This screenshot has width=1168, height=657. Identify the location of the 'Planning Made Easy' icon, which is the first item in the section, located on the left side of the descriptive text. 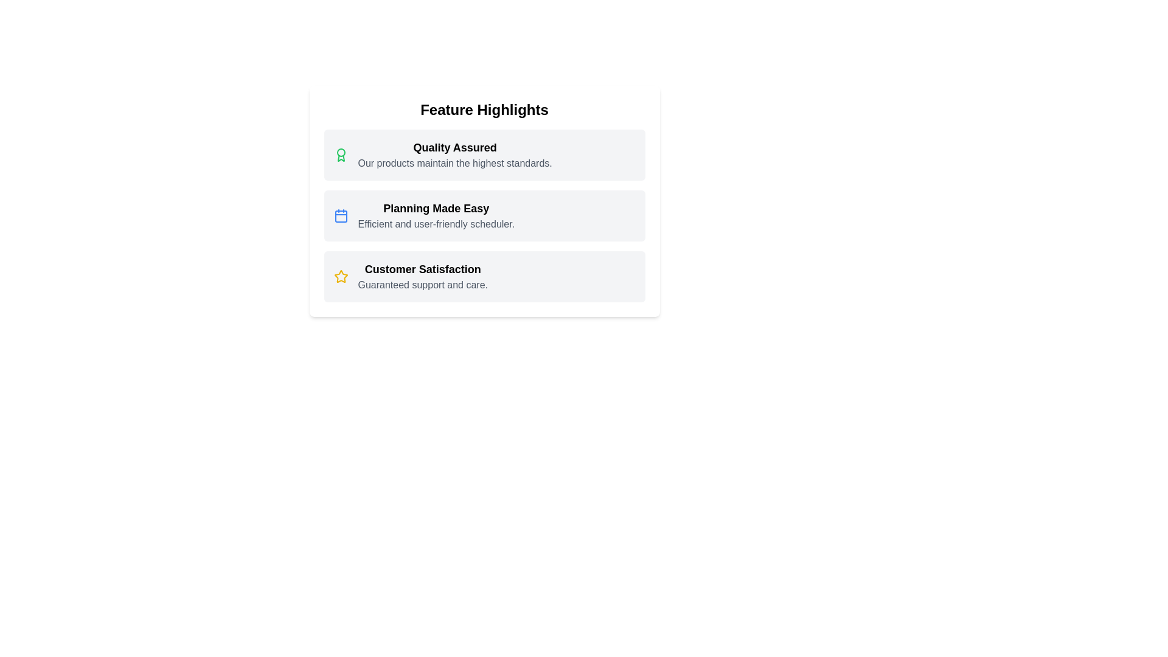
(341, 215).